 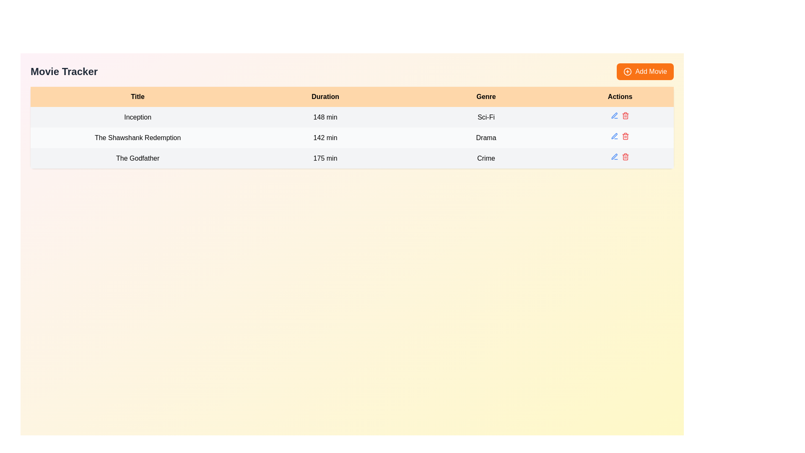 I want to click on the 'Movie Tracker' label at the top-left corner of the interface, which is displayed in a bold and large font with dark gray color against a light background, so click(x=64, y=71).